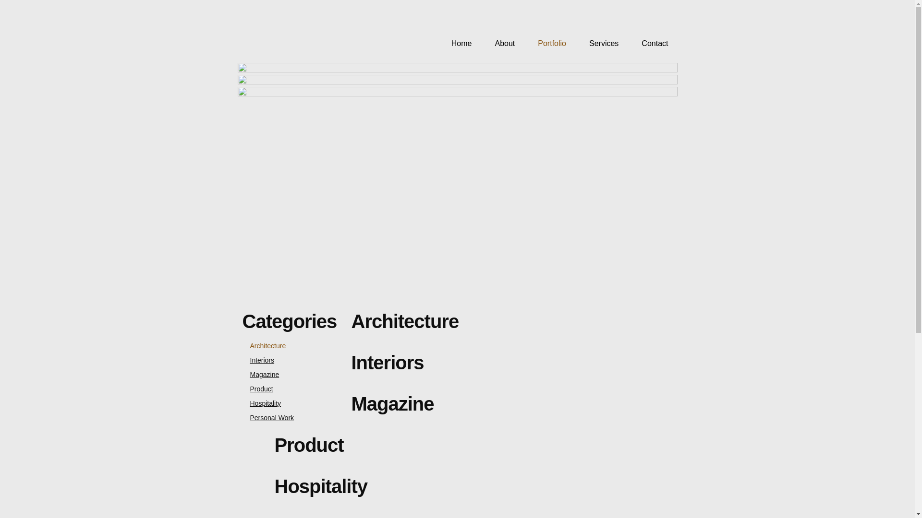  What do you see at coordinates (267, 417) in the screenshot?
I see `'Personal Work'` at bounding box center [267, 417].